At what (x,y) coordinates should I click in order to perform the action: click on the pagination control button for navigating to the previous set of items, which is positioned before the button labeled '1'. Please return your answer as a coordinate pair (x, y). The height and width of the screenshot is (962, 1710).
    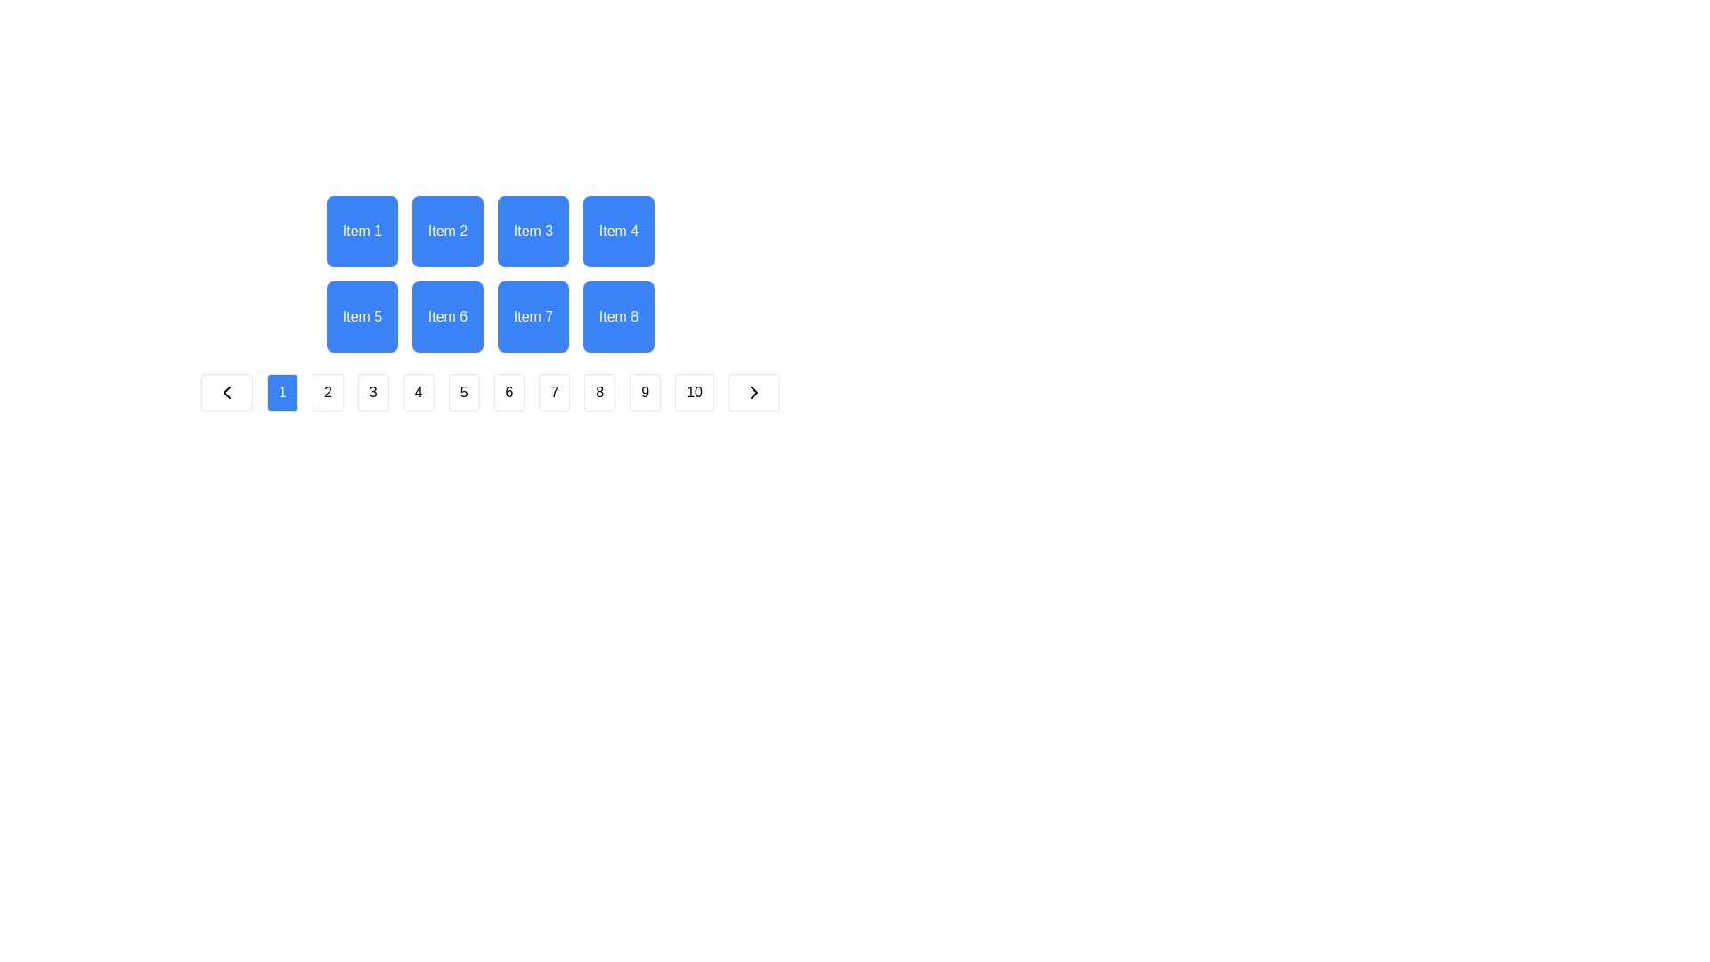
    Looking at the image, I should click on (225, 391).